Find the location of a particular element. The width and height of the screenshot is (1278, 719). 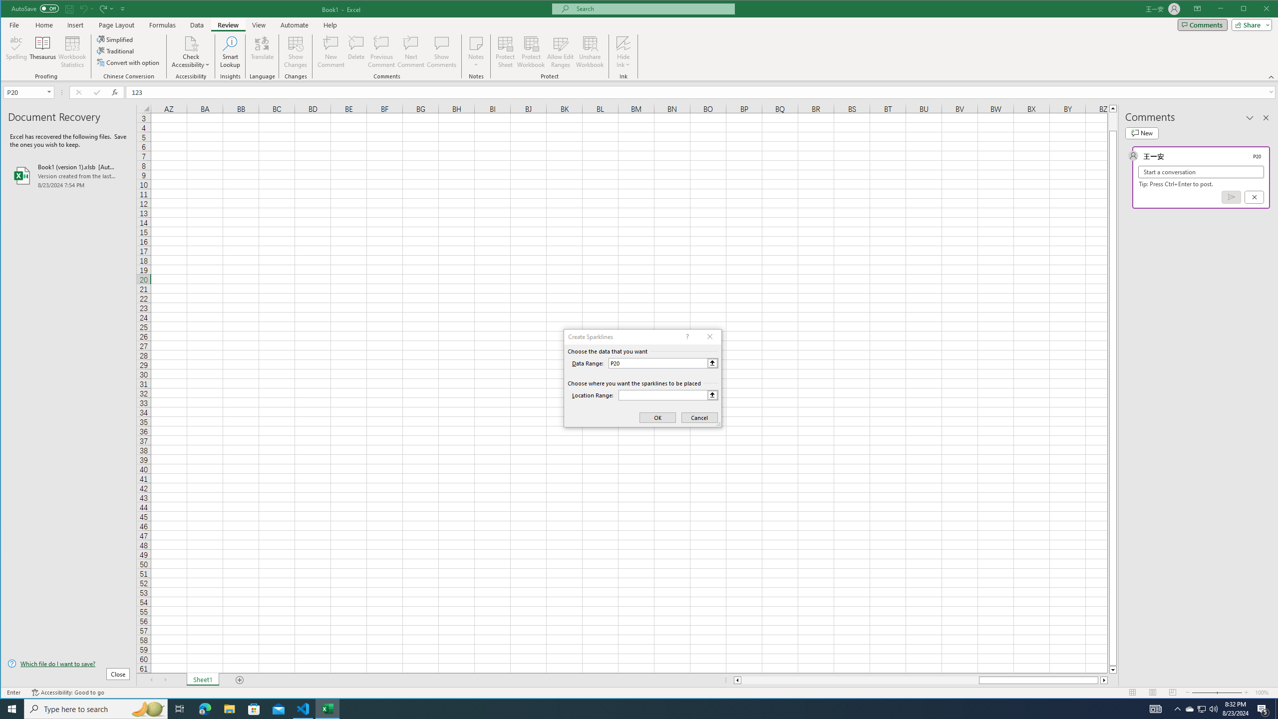

'Hide Ink' is located at coordinates (623, 42).